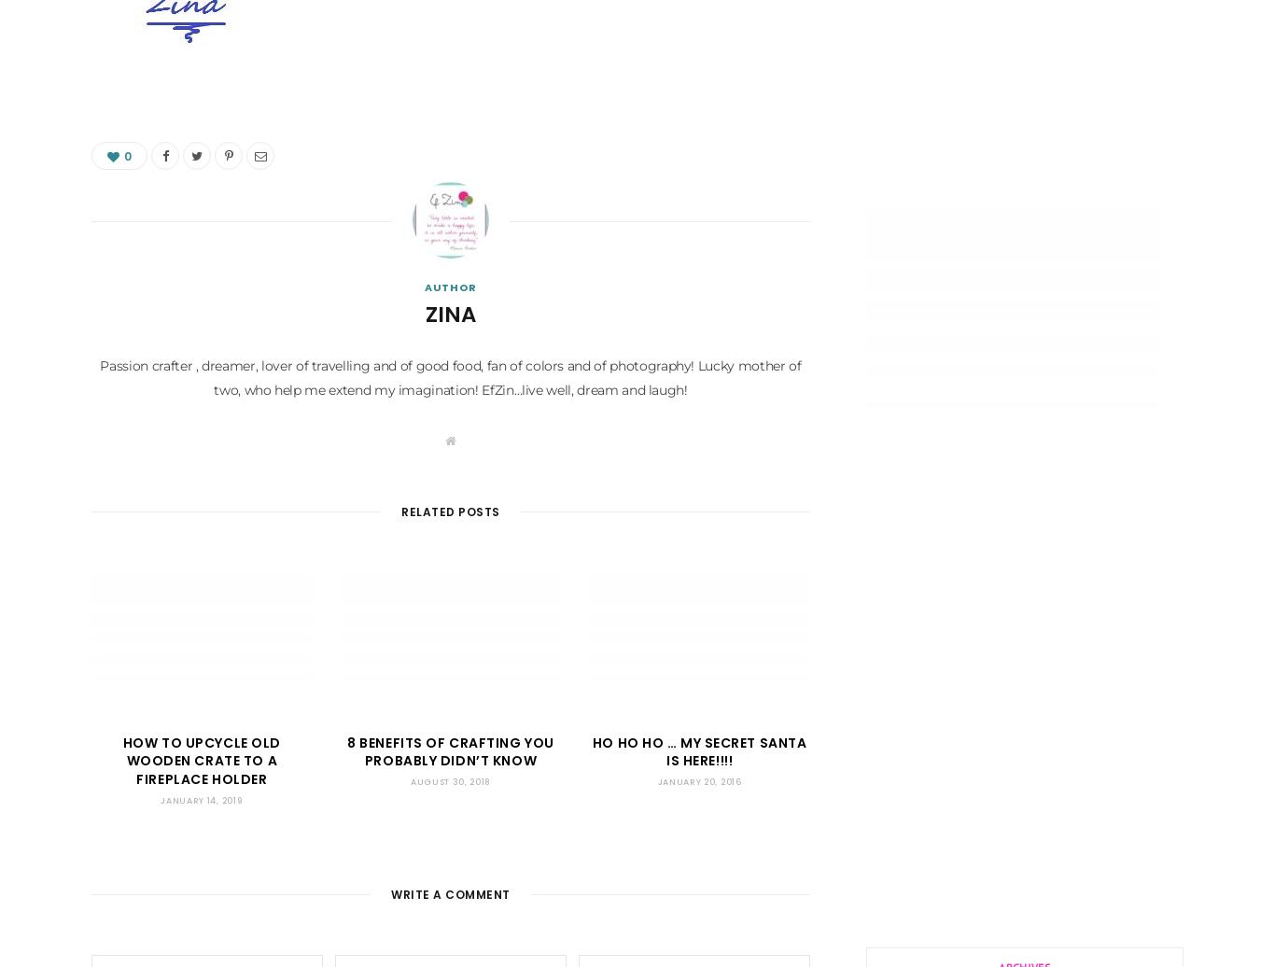  What do you see at coordinates (200, 761) in the screenshot?
I see `'How to upcycle old wooden crate to a fireplace holder'` at bounding box center [200, 761].